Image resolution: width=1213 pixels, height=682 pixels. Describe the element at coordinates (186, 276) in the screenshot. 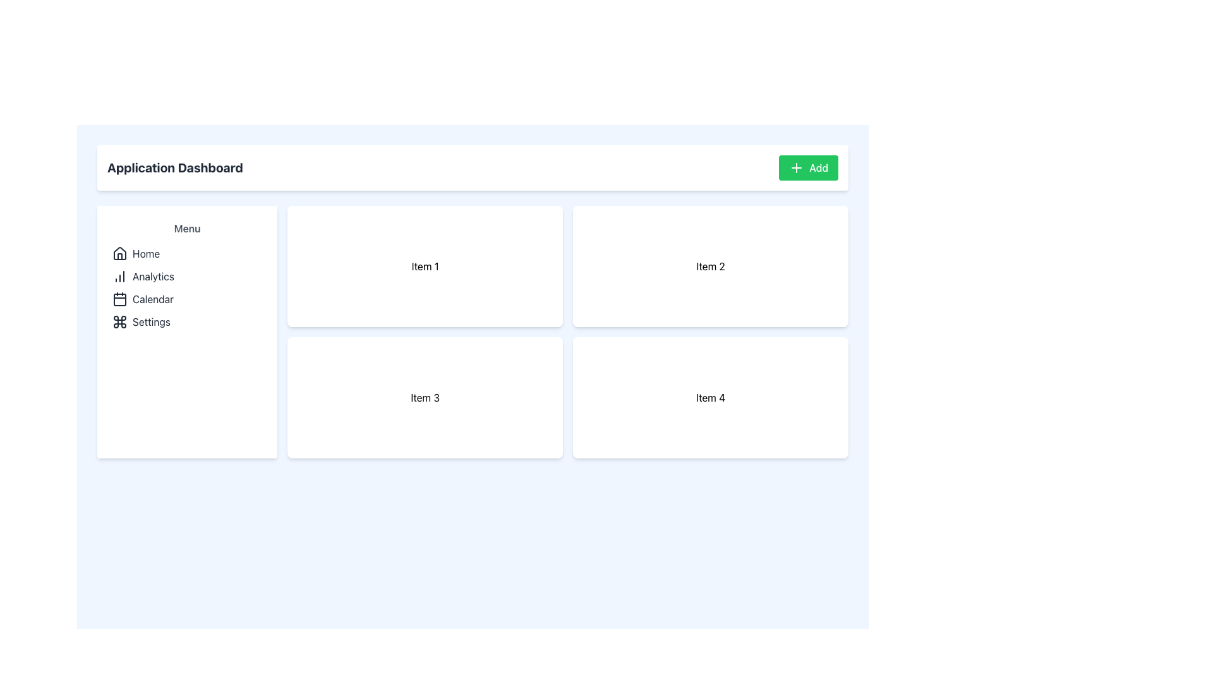

I see `the 'Analytics' navigation menu item, which is the second item in the vertical list of the left-hand sidebar` at that location.